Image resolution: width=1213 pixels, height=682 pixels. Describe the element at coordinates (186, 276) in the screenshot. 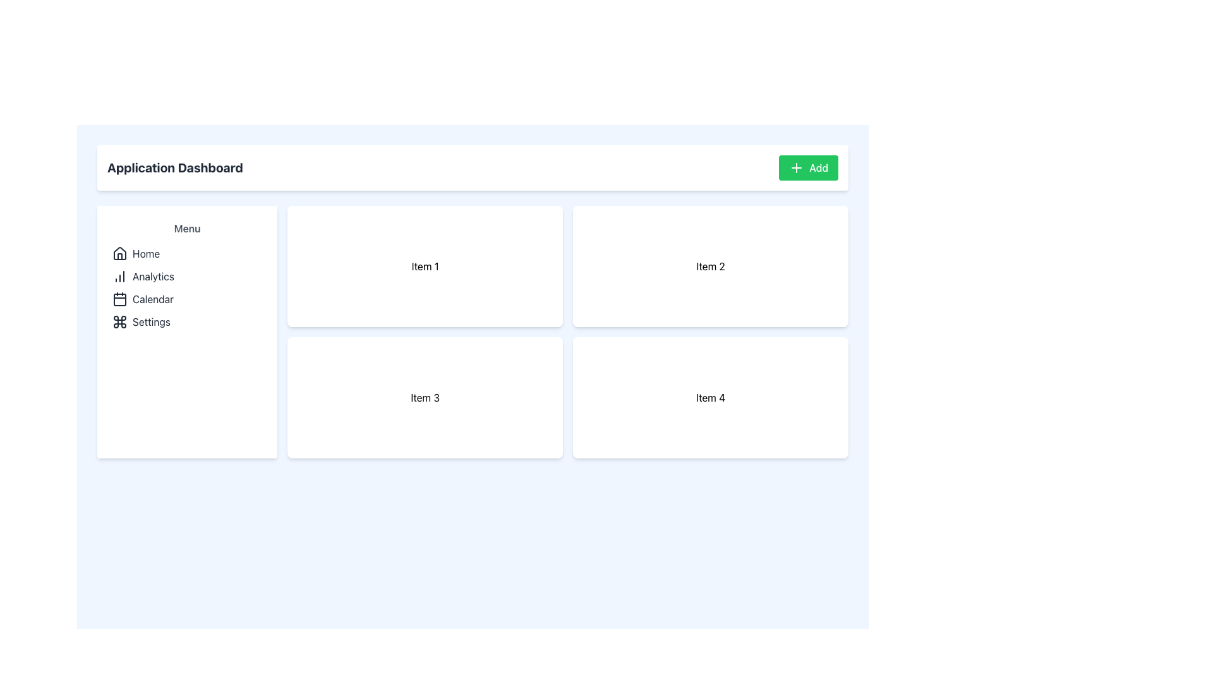

I see `the 'Analytics' navigation menu item, which is the second item in the vertical list of the left-hand sidebar` at that location.